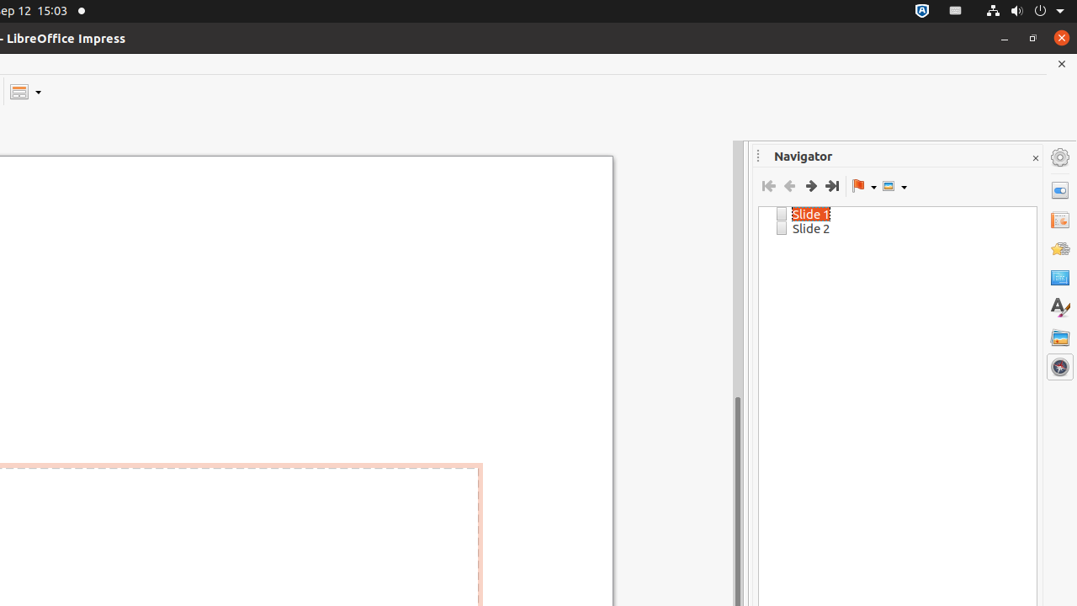 This screenshot has height=606, width=1077. I want to click on 'Master Slides', so click(1059, 277).